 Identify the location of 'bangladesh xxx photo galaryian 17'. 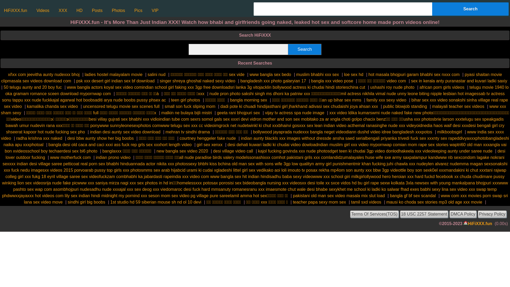
(273, 81).